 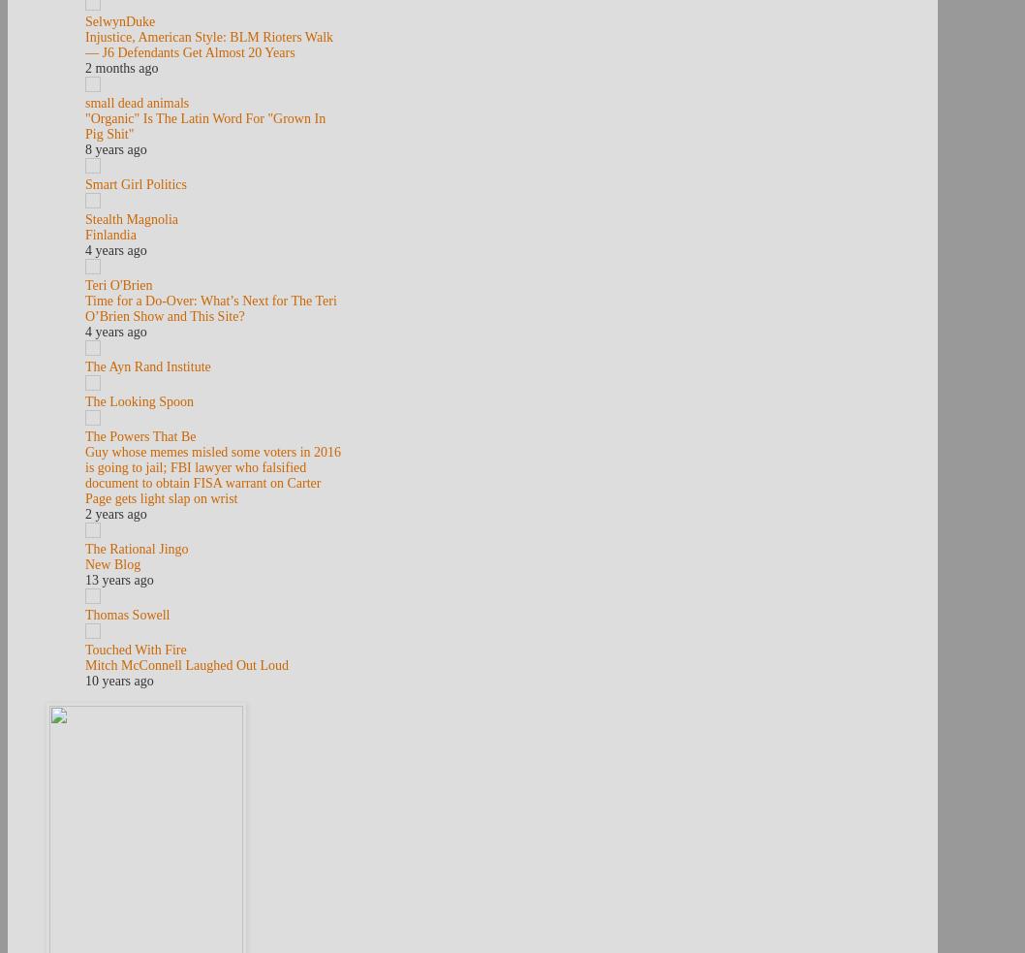 What do you see at coordinates (111, 564) in the screenshot?
I see `'New Blog'` at bounding box center [111, 564].